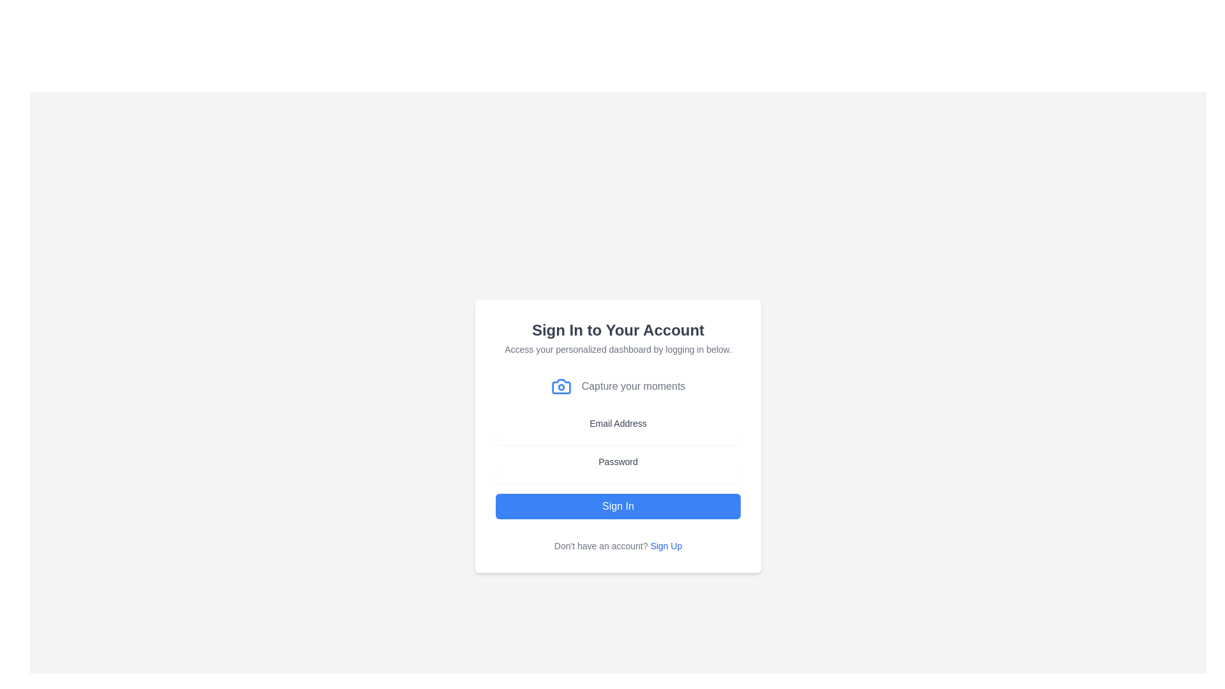 Image resolution: width=1225 pixels, height=689 pixels. What do you see at coordinates (634, 385) in the screenshot?
I see `the text label that says 'Capture your moments', which is styled in gray and located below the heading 'Sign In to Your Account'` at bounding box center [634, 385].